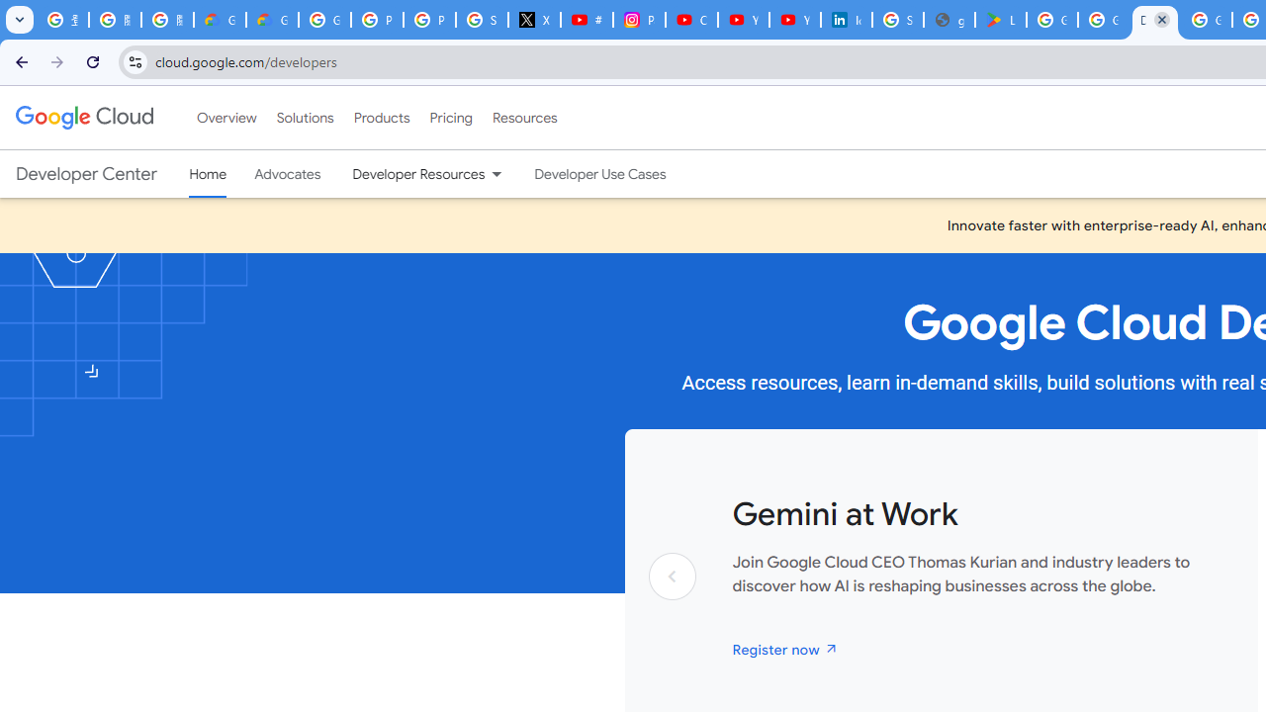 The height and width of the screenshot is (712, 1266). What do you see at coordinates (449, 118) in the screenshot?
I see `'Pricing'` at bounding box center [449, 118].